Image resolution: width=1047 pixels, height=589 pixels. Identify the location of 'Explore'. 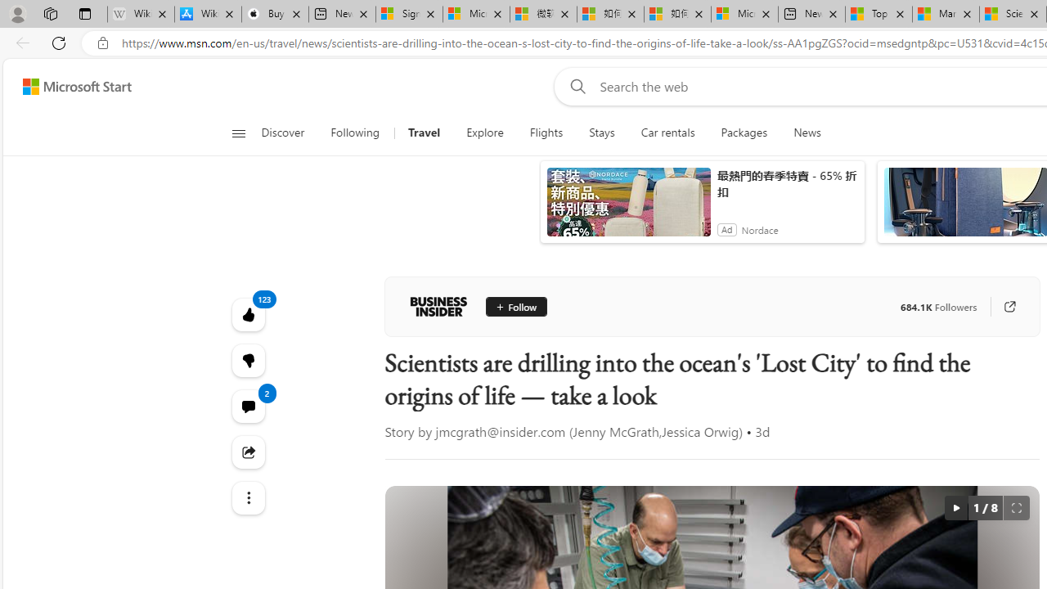
(483, 133).